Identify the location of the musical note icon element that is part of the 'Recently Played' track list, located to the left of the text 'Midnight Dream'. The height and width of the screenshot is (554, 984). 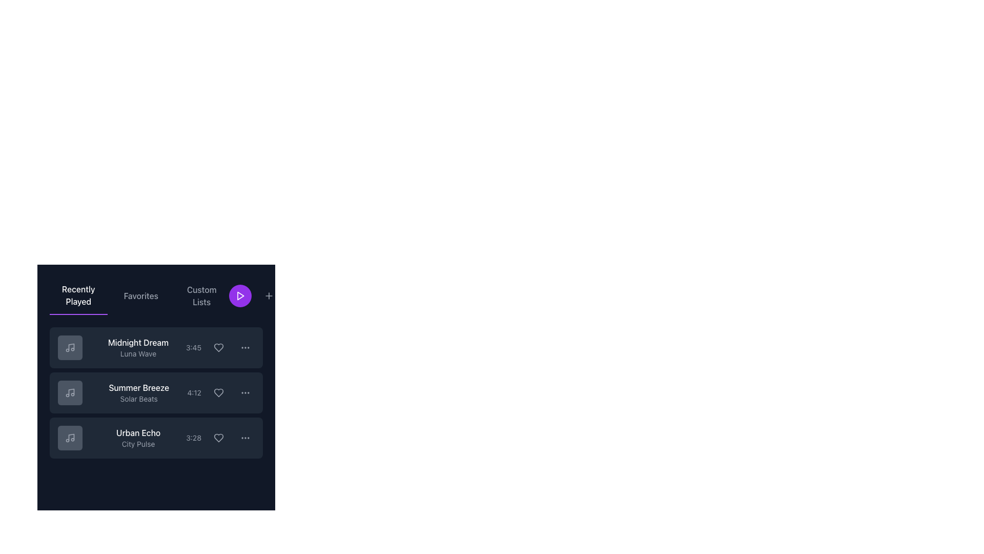
(71, 346).